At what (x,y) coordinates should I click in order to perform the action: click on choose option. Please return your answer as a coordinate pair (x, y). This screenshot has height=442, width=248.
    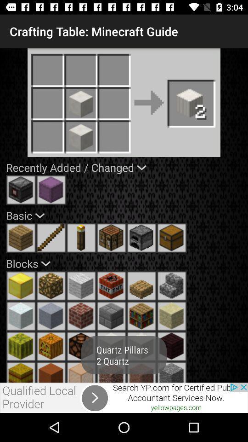
    Looking at the image, I should click on (51, 372).